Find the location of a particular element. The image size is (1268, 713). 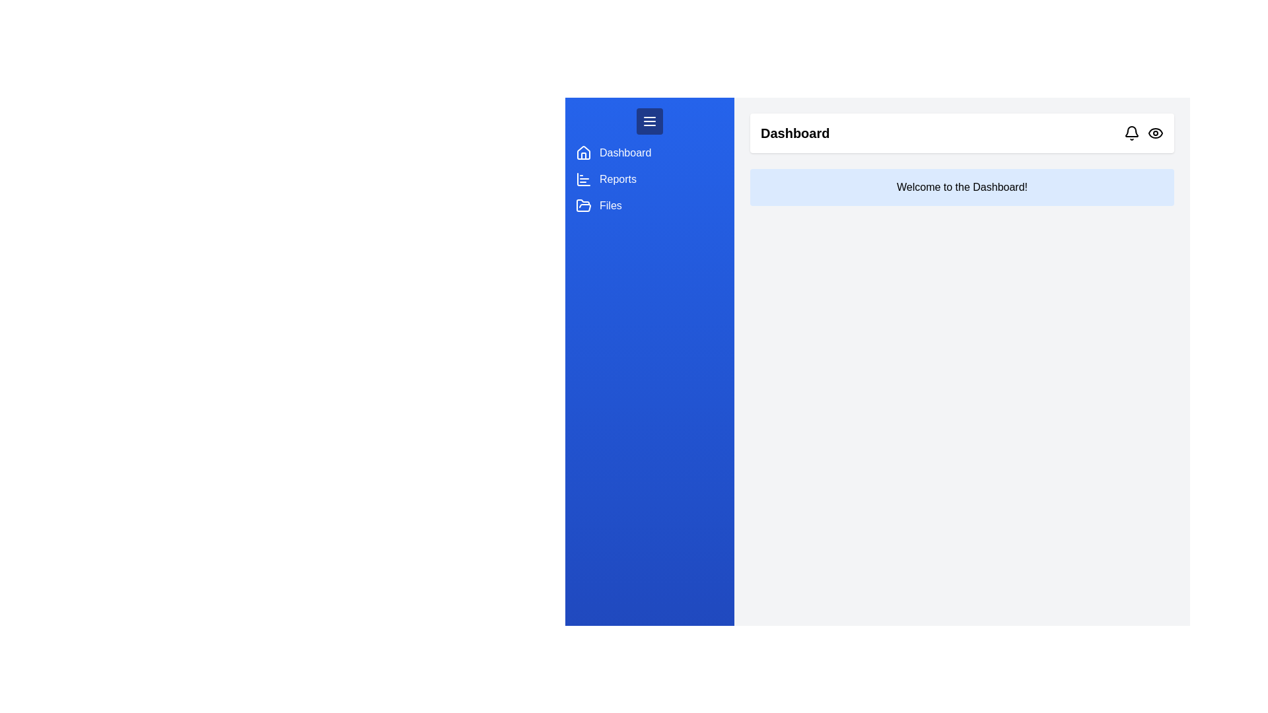

the hamburger menu icon located at the top-left corner of the interface, above the navigation items is located at coordinates (649, 121).